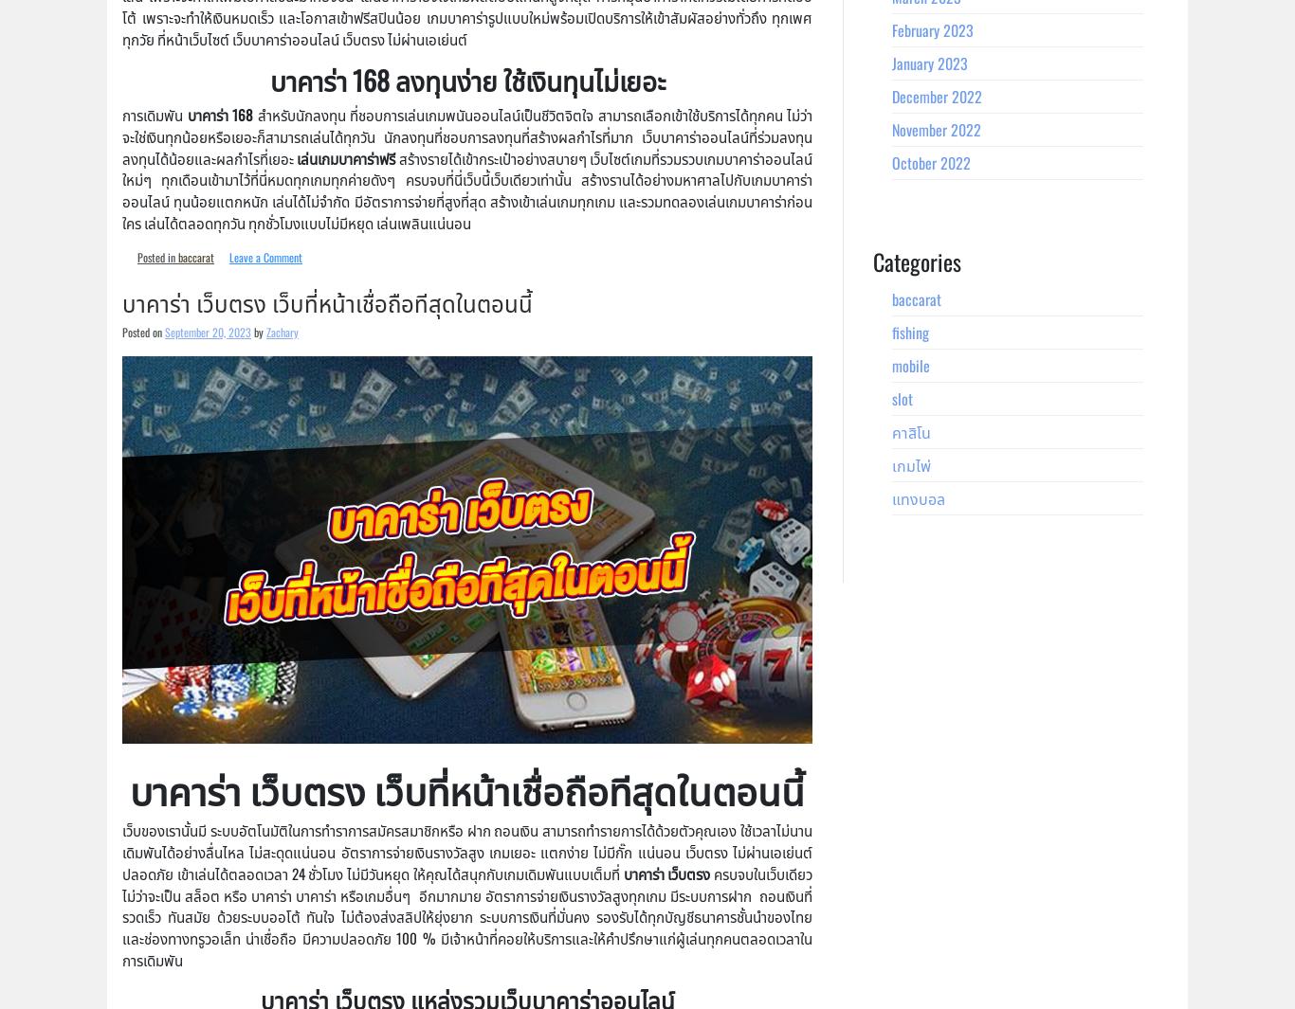  Describe the element at coordinates (466, 851) in the screenshot. I see `'เว็บของเรานั้นมี ระบบอัตโนมัติในการทำราการสมัครสมาชิกหรือ ฝาก ถอนเงิน สามารถทำรายการได้ด้วยตัวคุณเอง ใช้เวลาไม่นาน เดิมพันได้อย่างลื่นไหล ไม่สะดุดแน่นอน อัตราการจ่ายเงินรางวัลสูง เกมเยอะ แตกง่าย ไม่มีกั๊ก แน่นอน เว็บตรง ไม่ผ่านเอเย่นต์ ปลอดภัย เข้าเล่นได้ตลอดเวลา 24 ชั่วโมง ไม่มีวันหยุด ให้คุณได้สนุกกับเกมเดิมพันแบบเต็มที่'` at that location.